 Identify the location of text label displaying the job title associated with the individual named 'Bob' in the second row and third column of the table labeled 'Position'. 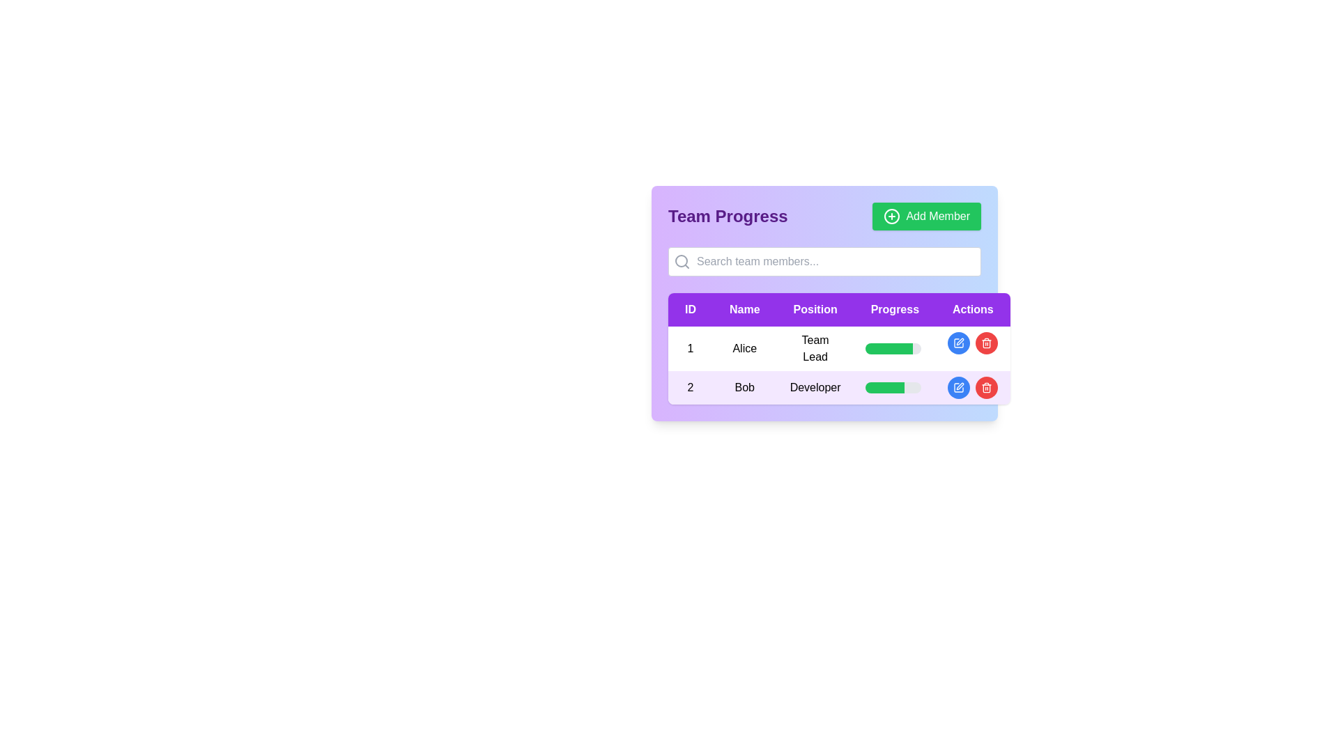
(815, 387).